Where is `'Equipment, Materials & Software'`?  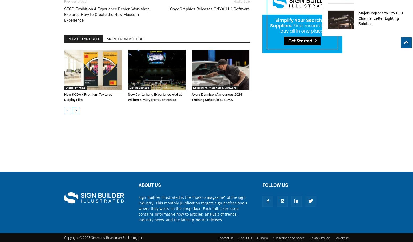
'Equipment, Materials & Software' is located at coordinates (193, 87).